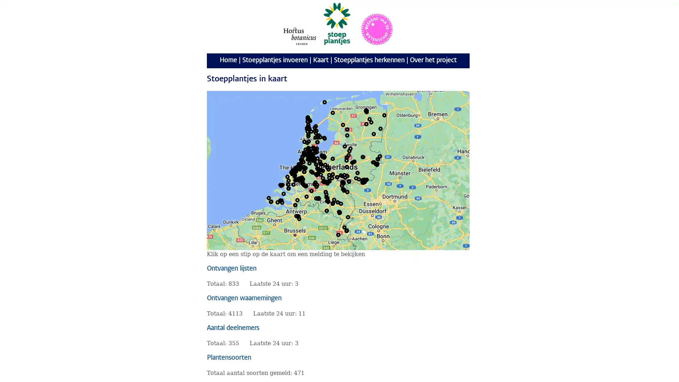  Describe the element at coordinates (294, 172) in the screenshot. I see `Telling van Annemiek op 18 mei 2022` at that location.